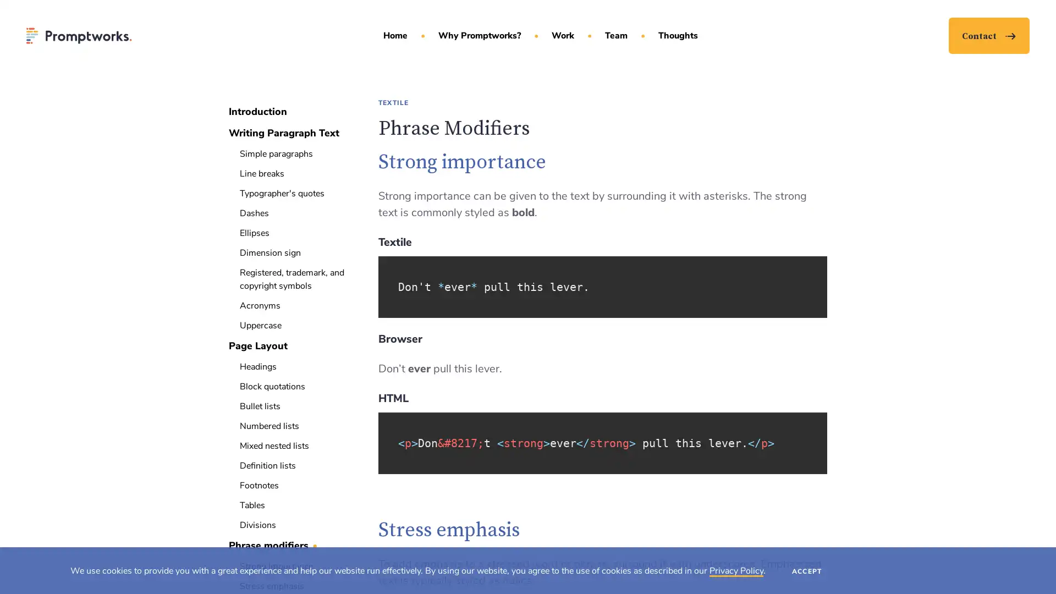 This screenshot has width=1056, height=594. What do you see at coordinates (807, 570) in the screenshot?
I see `ACCEPT` at bounding box center [807, 570].